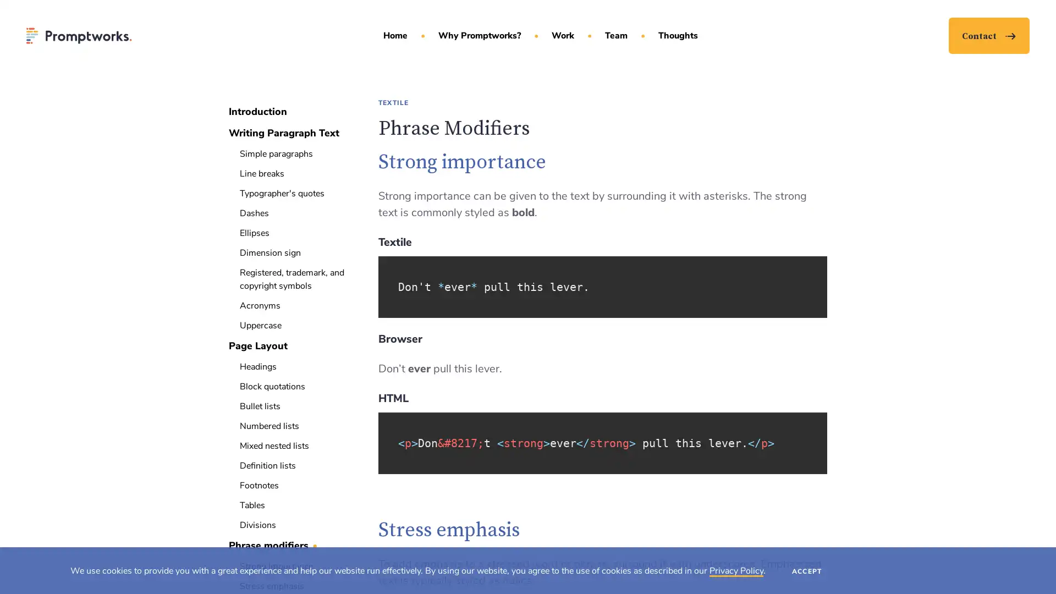 This screenshot has width=1056, height=594. What do you see at coordinates (807, 570) in the screenshot?
I see `ACCEPT` at bounding box center [807, 570].